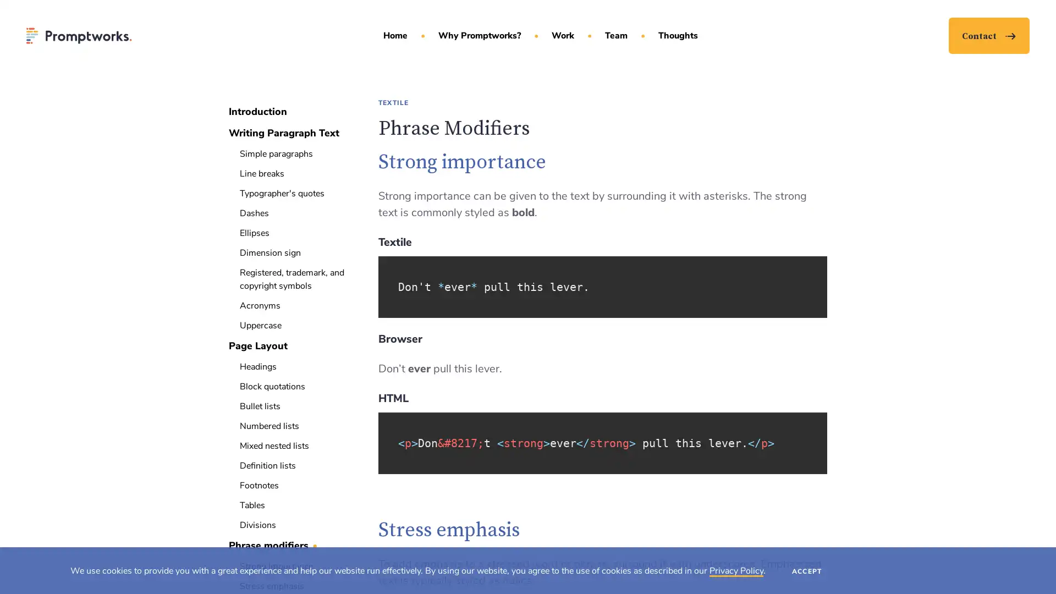 This screenshot has width=1056, height=594. What do you see at coordinates (807, 570) in the screenshot?
I see `ACCEPT` at bounding box center [807, 570].